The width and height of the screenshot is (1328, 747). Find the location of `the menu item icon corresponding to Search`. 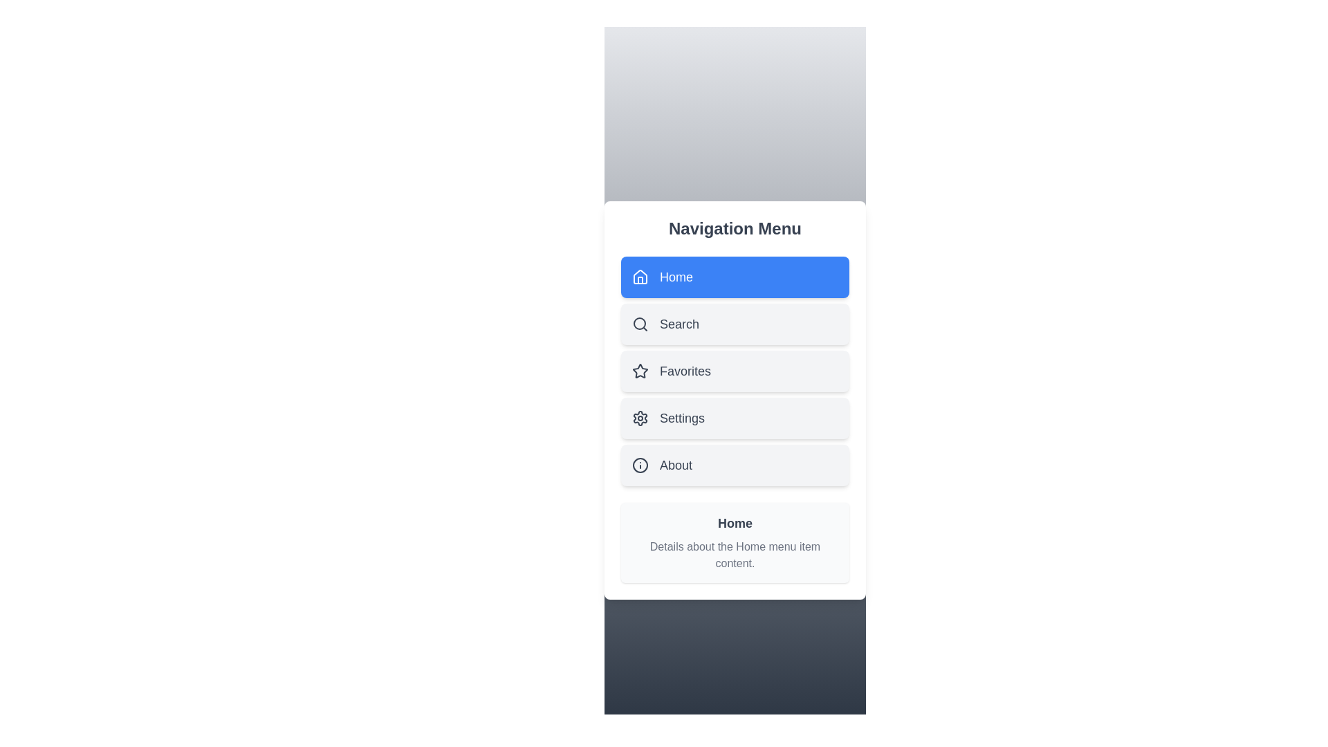

the menu item icon corresponding to Search is located at coordinates (640, 324).